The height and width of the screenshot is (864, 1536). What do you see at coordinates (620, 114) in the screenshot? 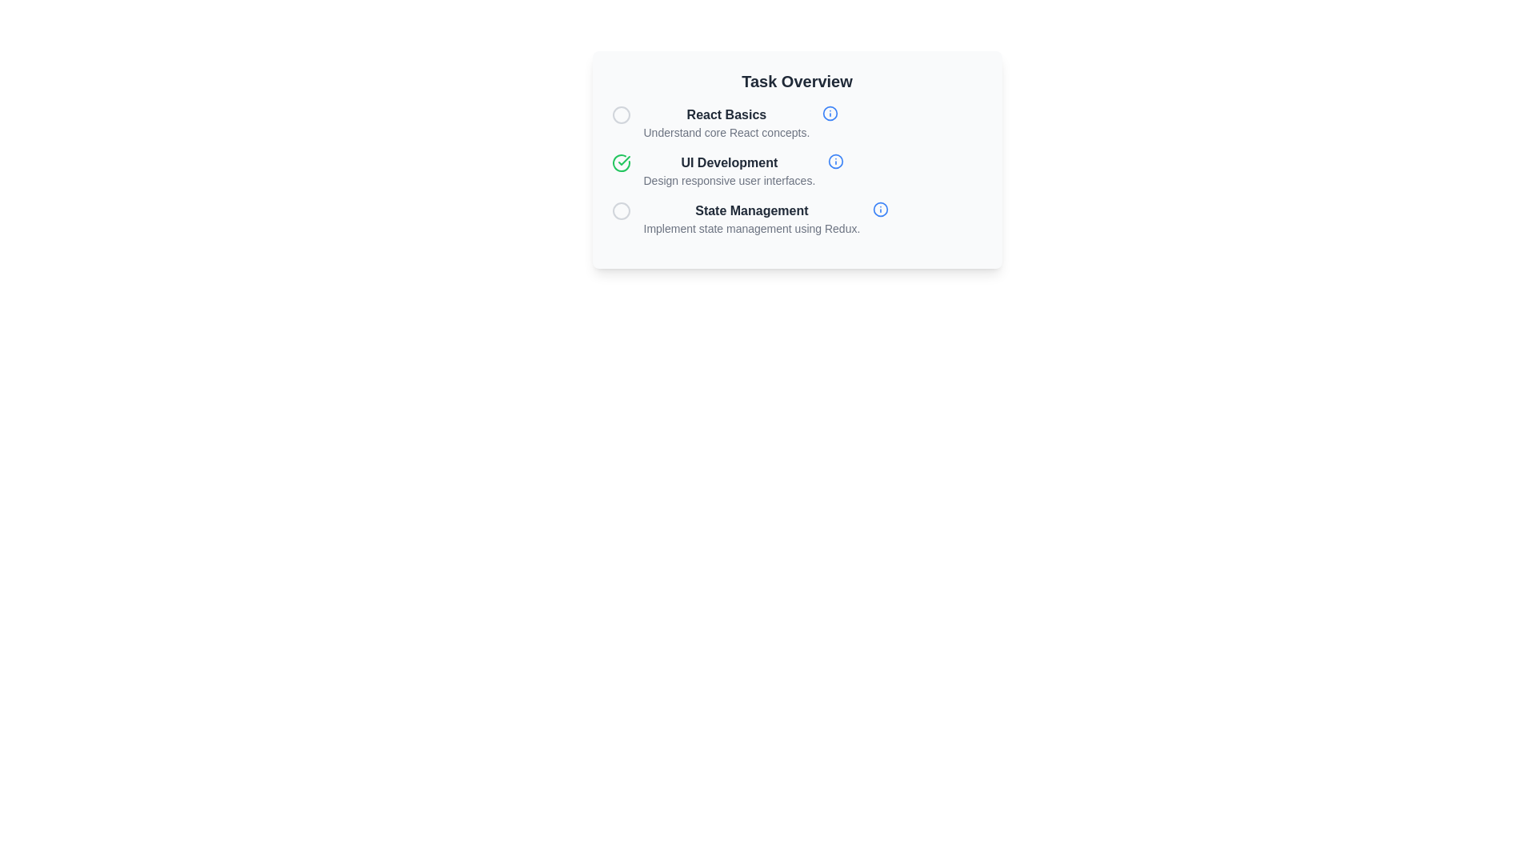
I see `the Circular UI indicator at the top of the vertical list, which has a thin border and hollow interior, adjacent to the text 'React Basics'` at bounding box center [620, 114].